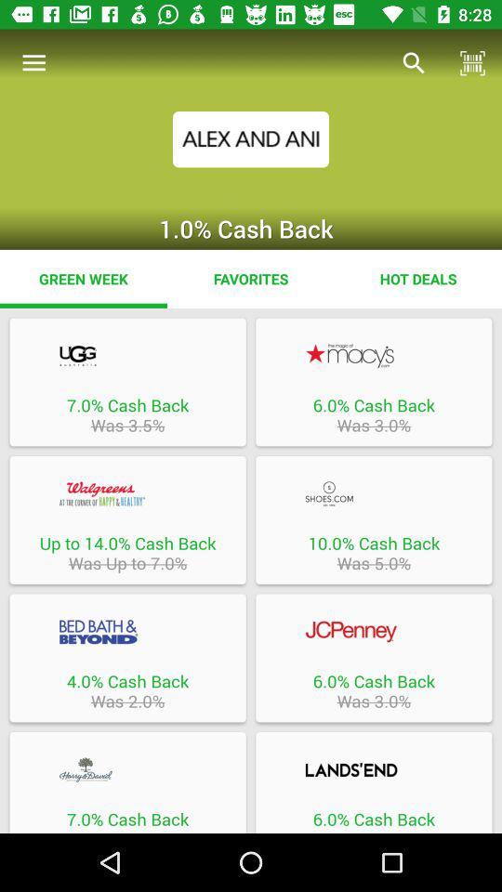 This screenshot has height=892, width=502. What do you see at coordinates (374, 355) in the screenshot?
I see `macy 's website` at bounding box center [374, 355].